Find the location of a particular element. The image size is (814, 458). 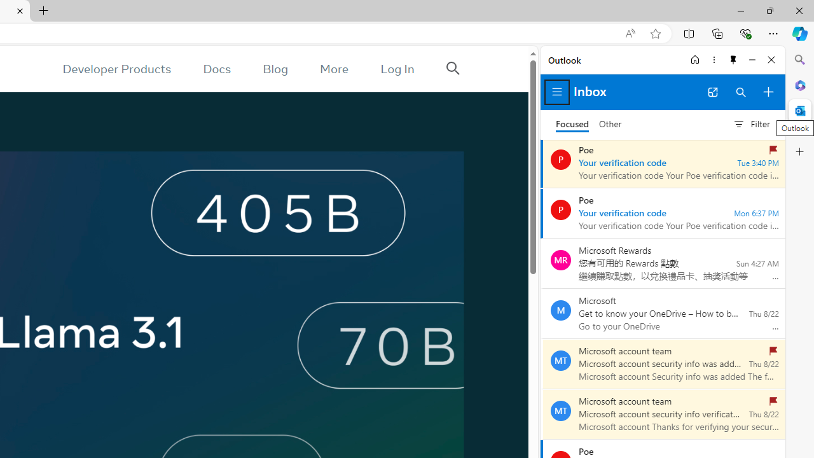

'Microsoft 365' is located at coordinates (799, 85).